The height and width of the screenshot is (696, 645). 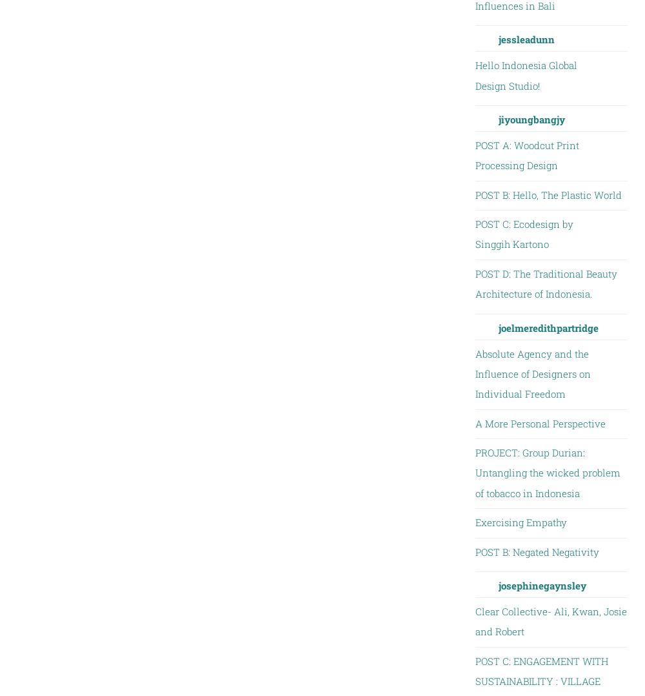 I want to click on 'joelmeredithpartridge', so click(x=547, y=327).